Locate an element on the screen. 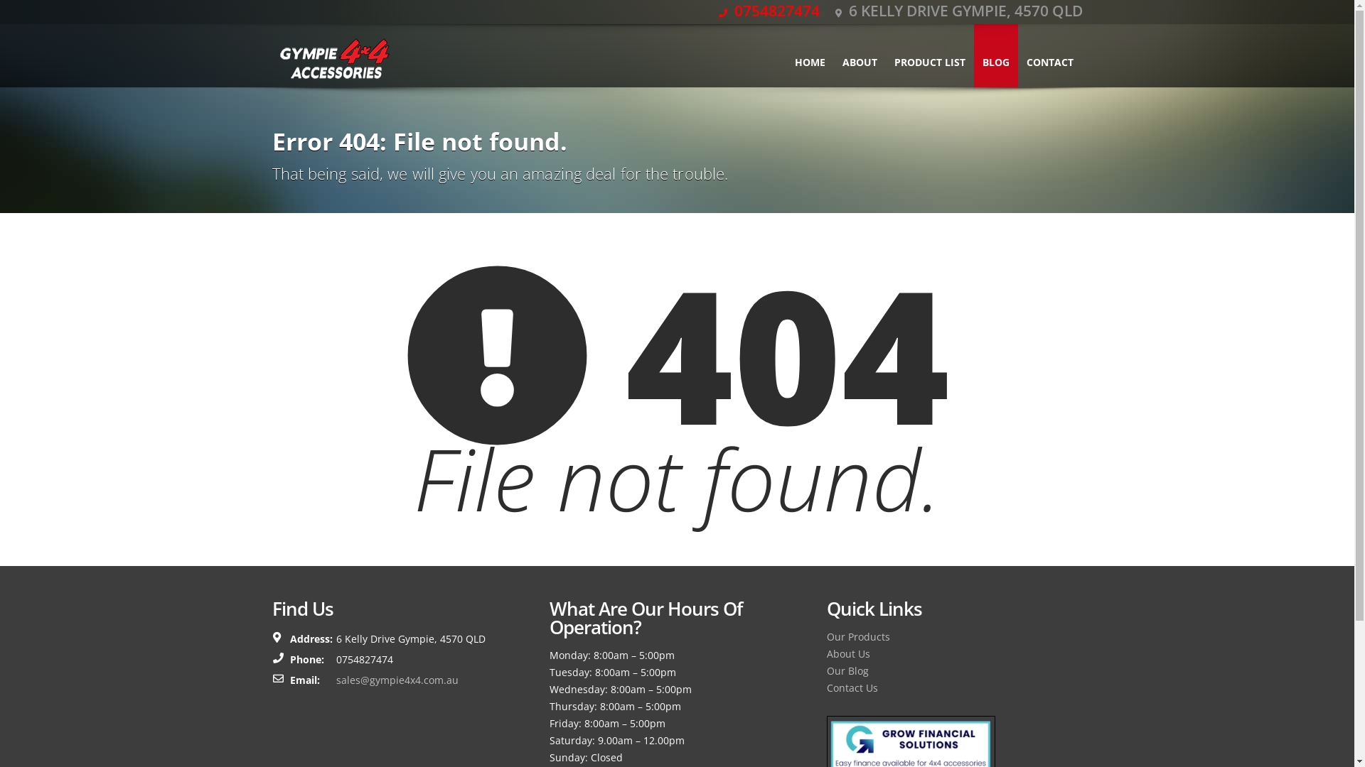 This screenshot has width=1365, height=767. 'Contact Us' is located at coordinates (852, 687).